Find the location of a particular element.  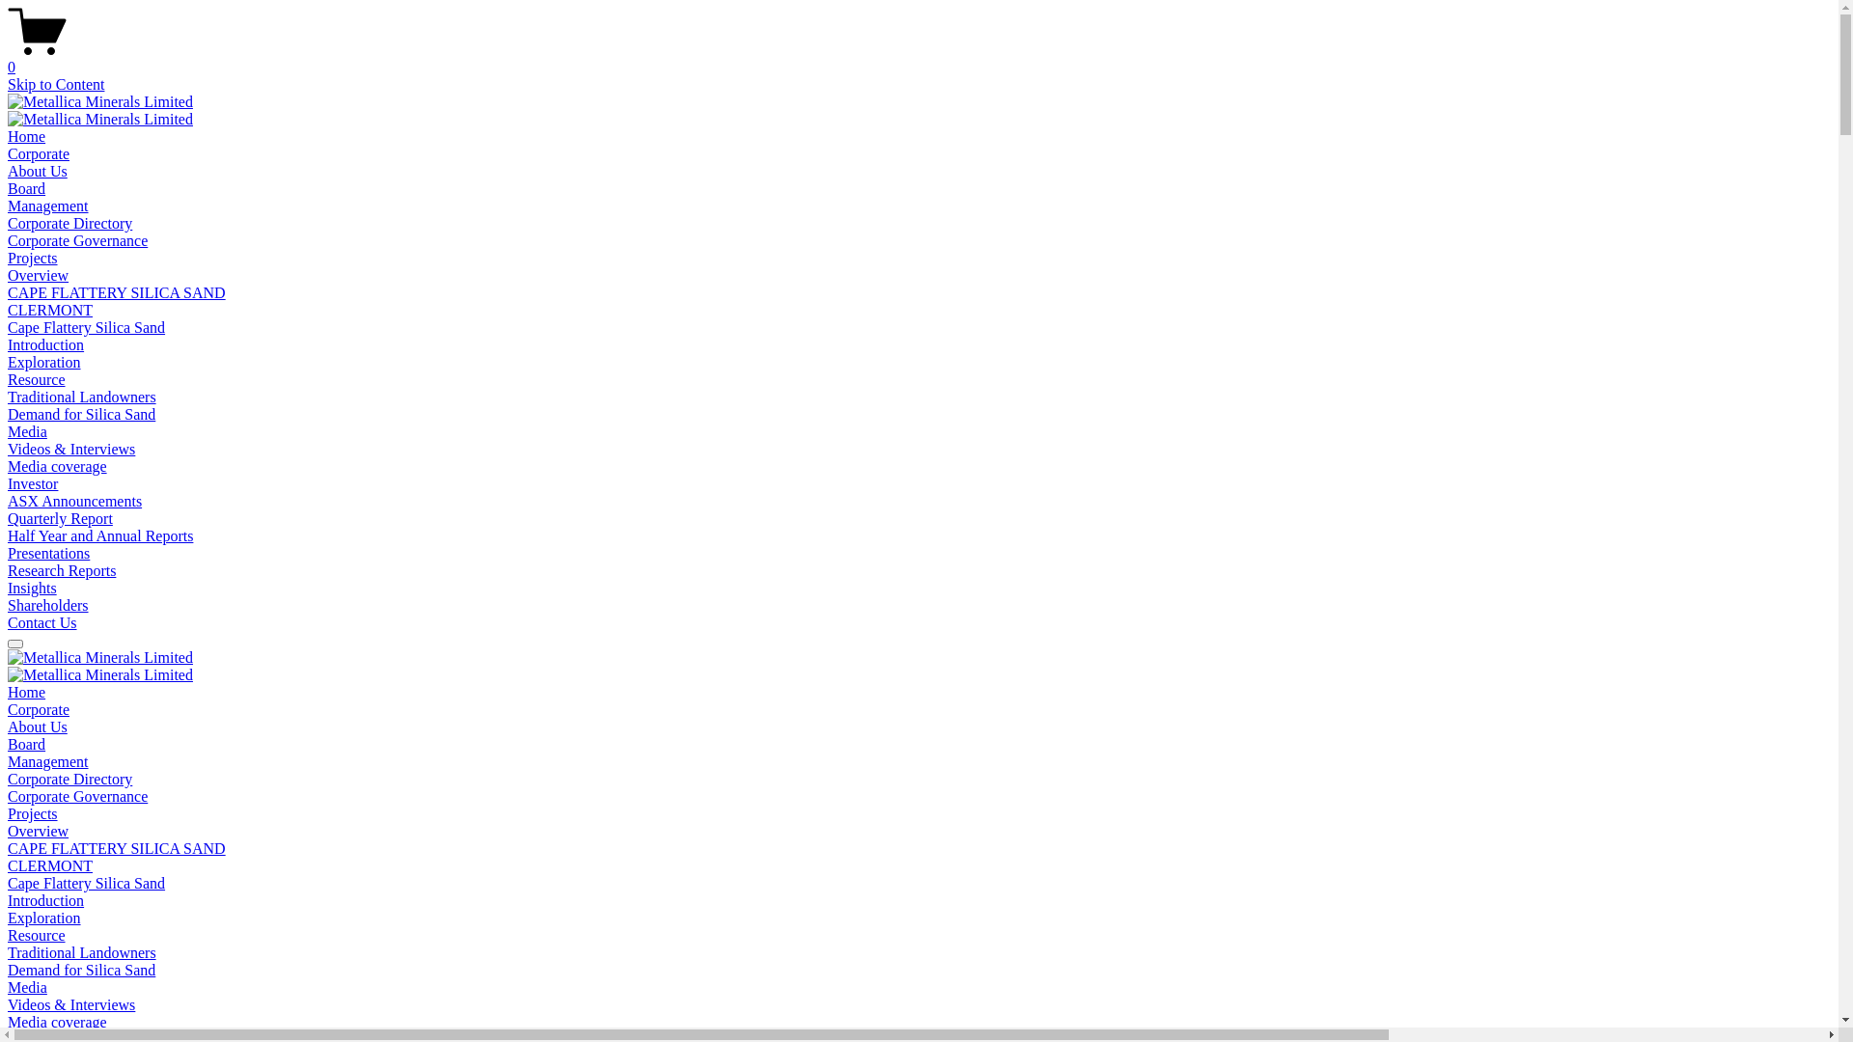

'Corporate Governance' is located at coordinates (77, 796).